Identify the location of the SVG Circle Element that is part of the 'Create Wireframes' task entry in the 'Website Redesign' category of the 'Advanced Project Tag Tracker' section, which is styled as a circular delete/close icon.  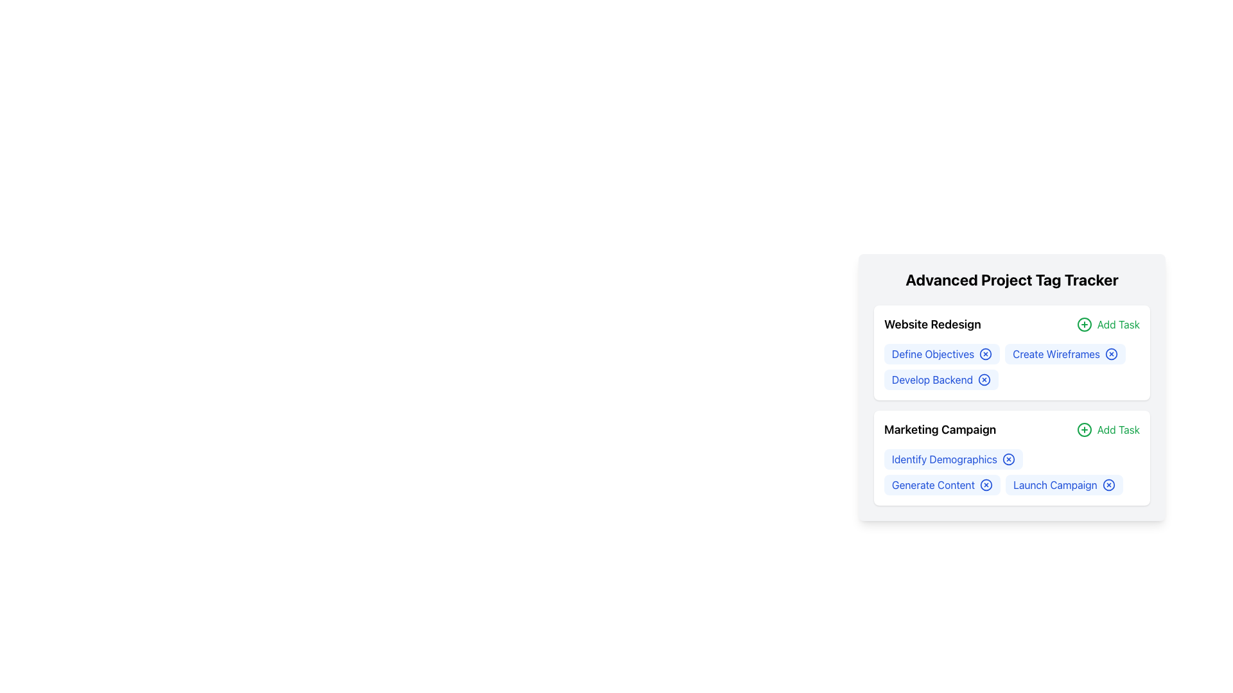
(1111, 354).